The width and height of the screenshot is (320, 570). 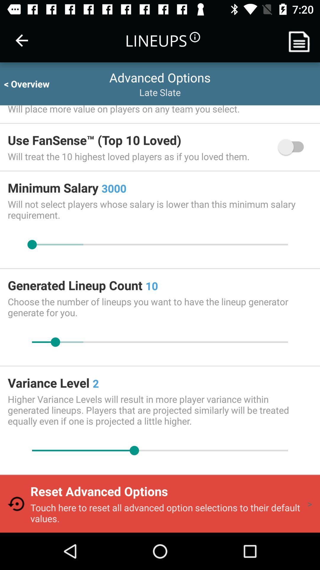 I want to click on slide to modify variance, so click(x=160, y=450).